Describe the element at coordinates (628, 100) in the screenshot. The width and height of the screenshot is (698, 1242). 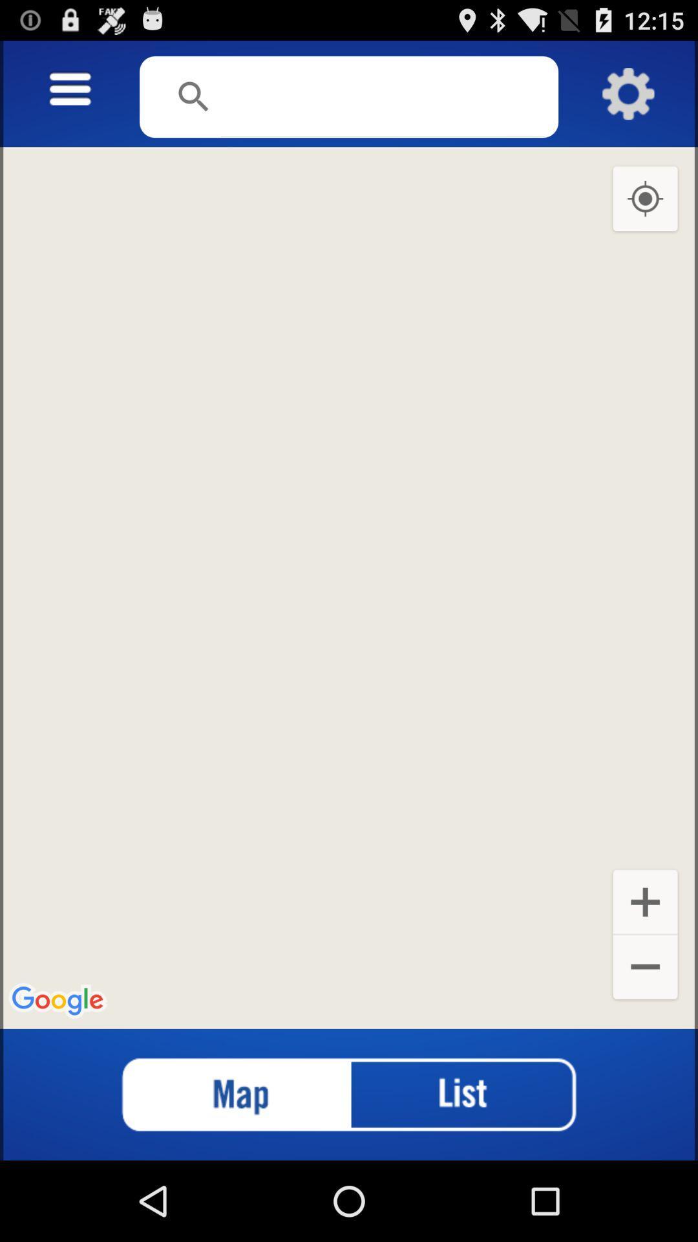
I see `the settings icon` at that location.